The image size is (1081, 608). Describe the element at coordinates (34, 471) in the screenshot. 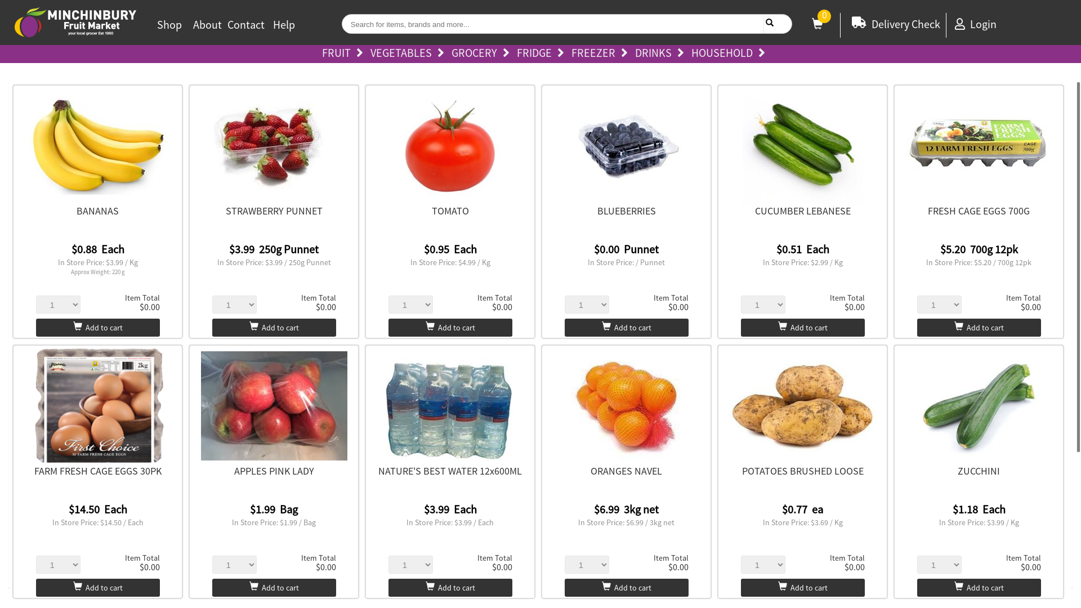

I see `'FARM FRESH CAGE EGGS 30PK'` at that location.